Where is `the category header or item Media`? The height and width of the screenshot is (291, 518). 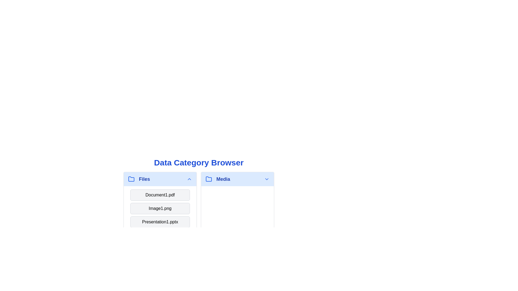
the category header or item Media is located at coordinates (237, 179).